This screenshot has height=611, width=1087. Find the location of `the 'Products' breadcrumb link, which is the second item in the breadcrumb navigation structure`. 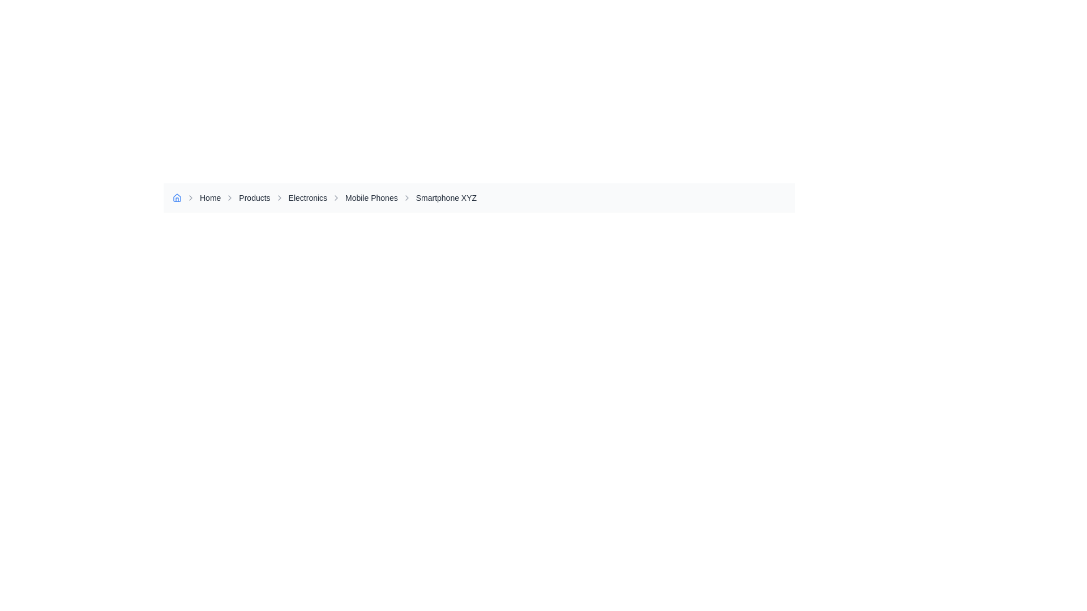

the 'Products' breadcrumb link, which is the second item in the breadcrumb navigation structure is located at coordinates (247, 197).